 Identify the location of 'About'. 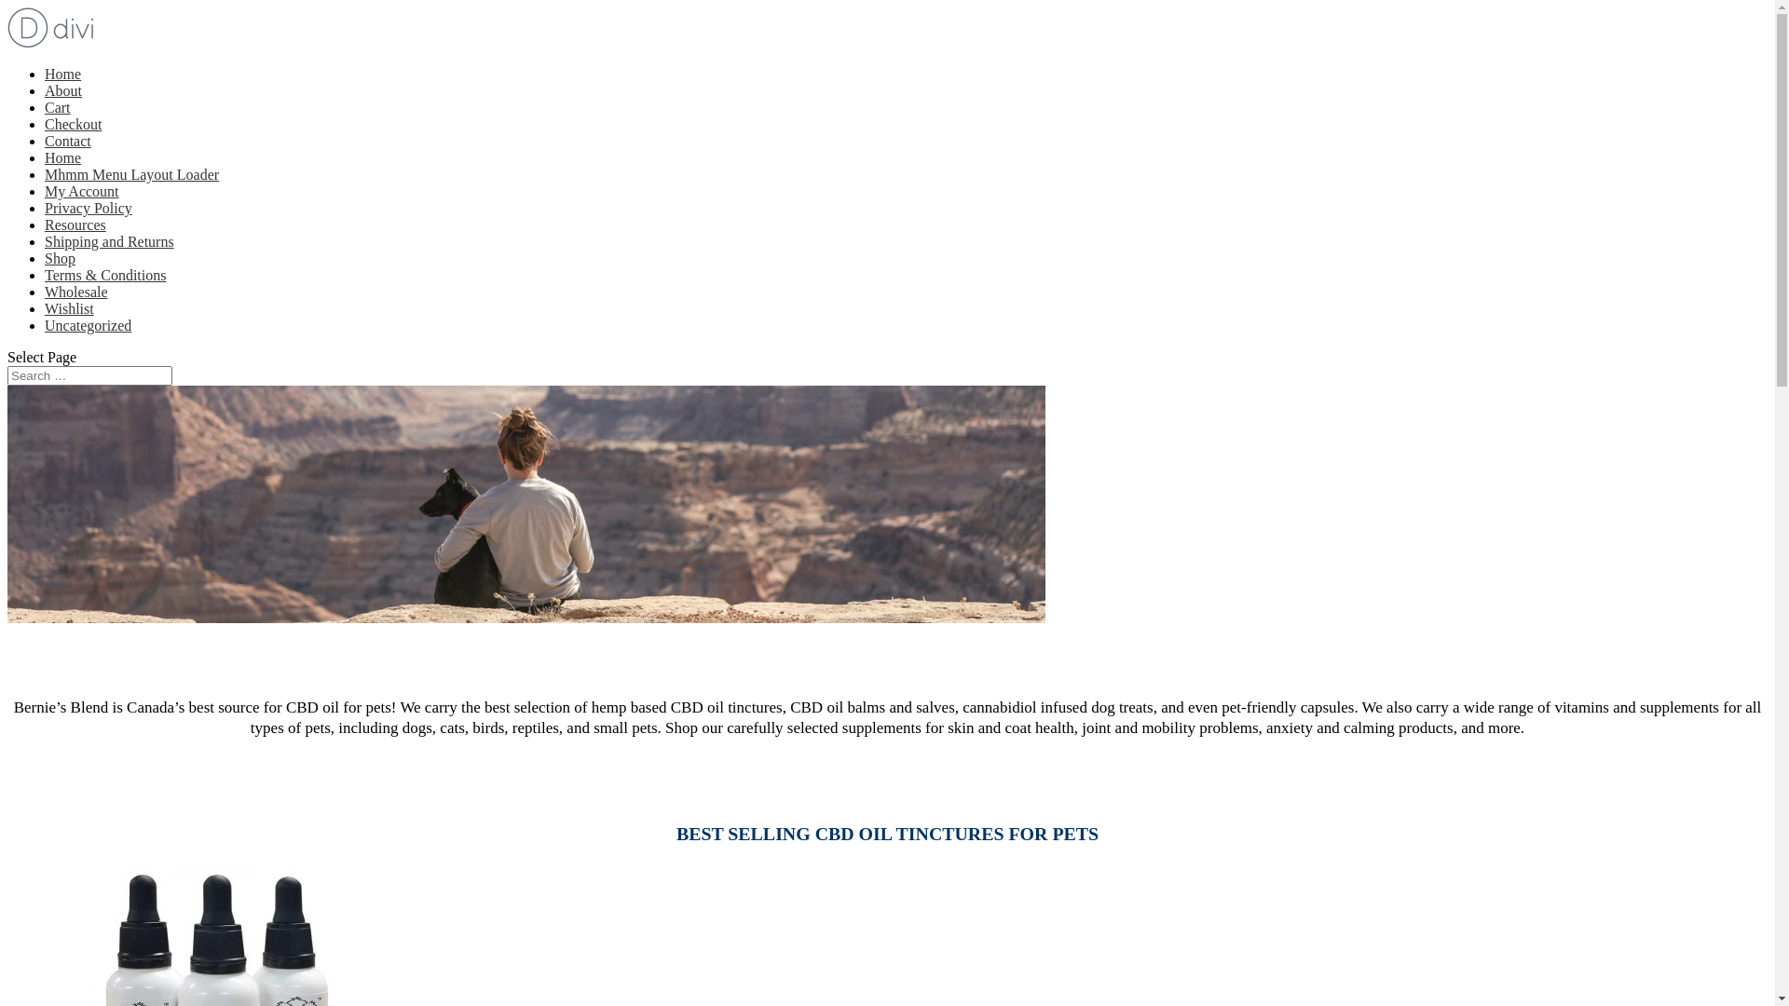
(62, 90).